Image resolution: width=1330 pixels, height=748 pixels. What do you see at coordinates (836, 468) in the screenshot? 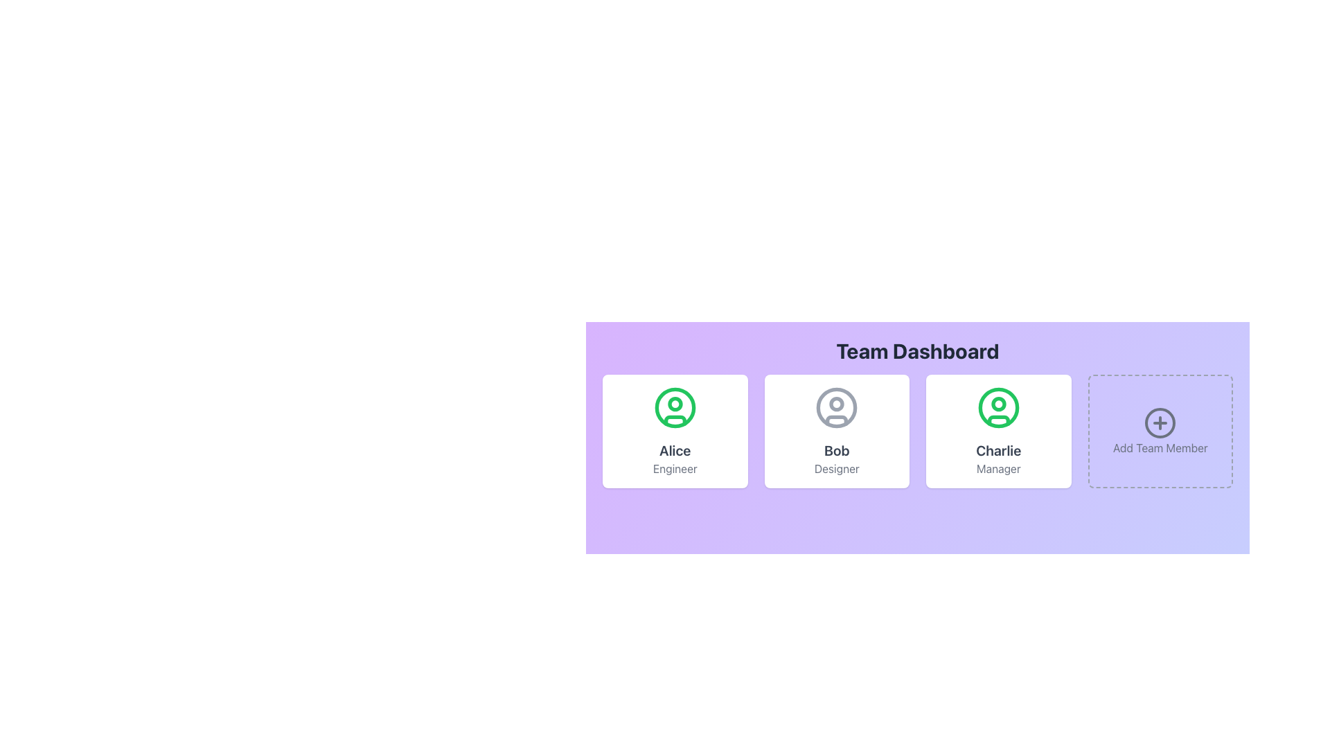
I see `the Text label displaying the role 'Designer' located at the bottom of Bob's profile card to emphasize the role or view tooltip` at bounding box center [836, 468].